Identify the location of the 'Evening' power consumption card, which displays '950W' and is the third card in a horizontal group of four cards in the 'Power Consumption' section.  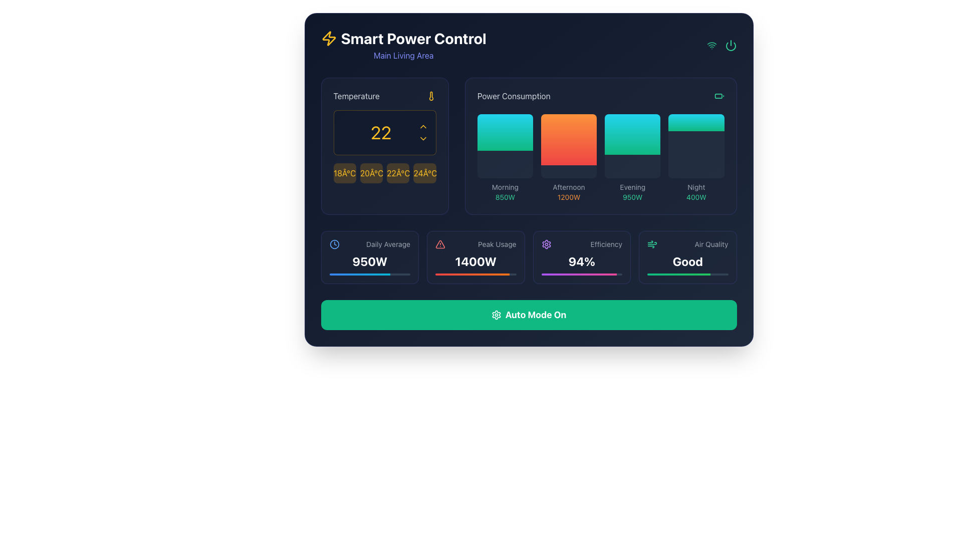
(632, 146).